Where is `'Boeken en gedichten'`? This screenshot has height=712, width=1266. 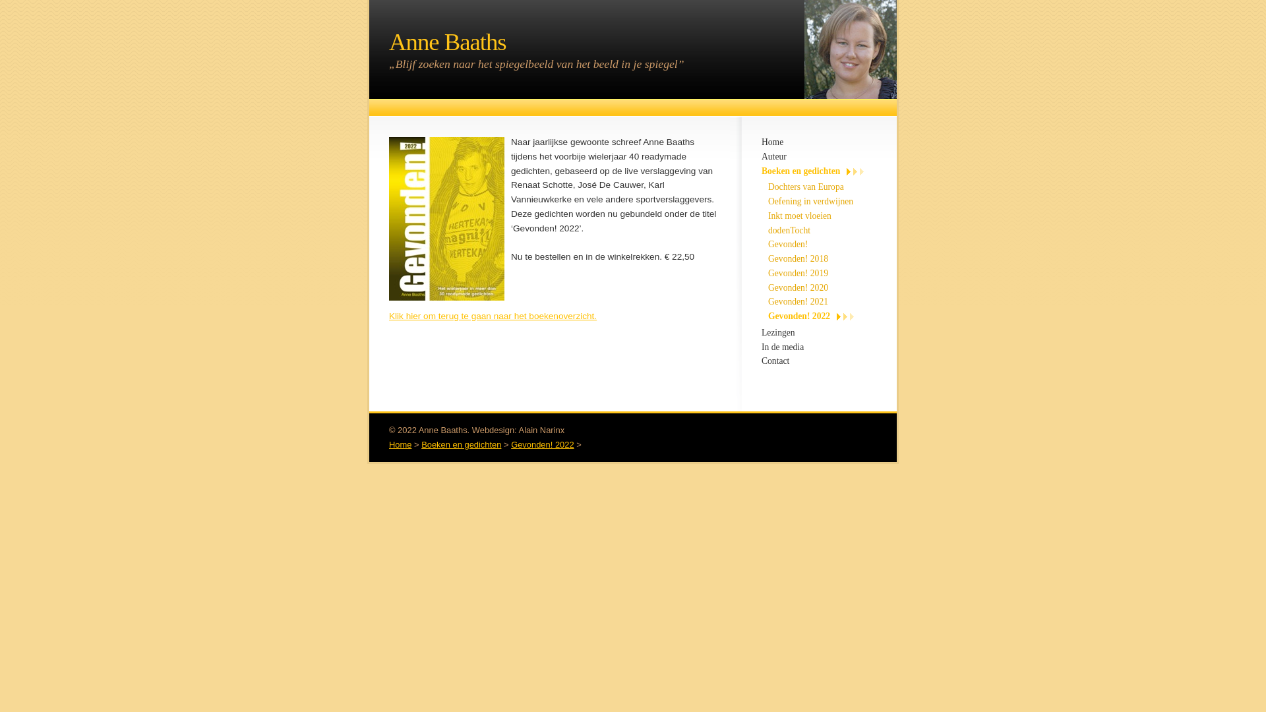
'Boeken en gedichten' is located at coordinates (762, 170).